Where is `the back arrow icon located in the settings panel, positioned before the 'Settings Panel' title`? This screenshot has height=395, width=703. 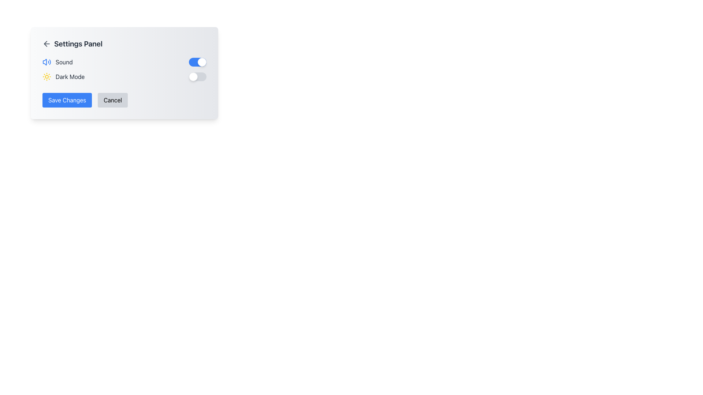
the back arrow icon located in the settings panel, positioned before the 'Settings Panel' title is located at coordinates (45, 44).